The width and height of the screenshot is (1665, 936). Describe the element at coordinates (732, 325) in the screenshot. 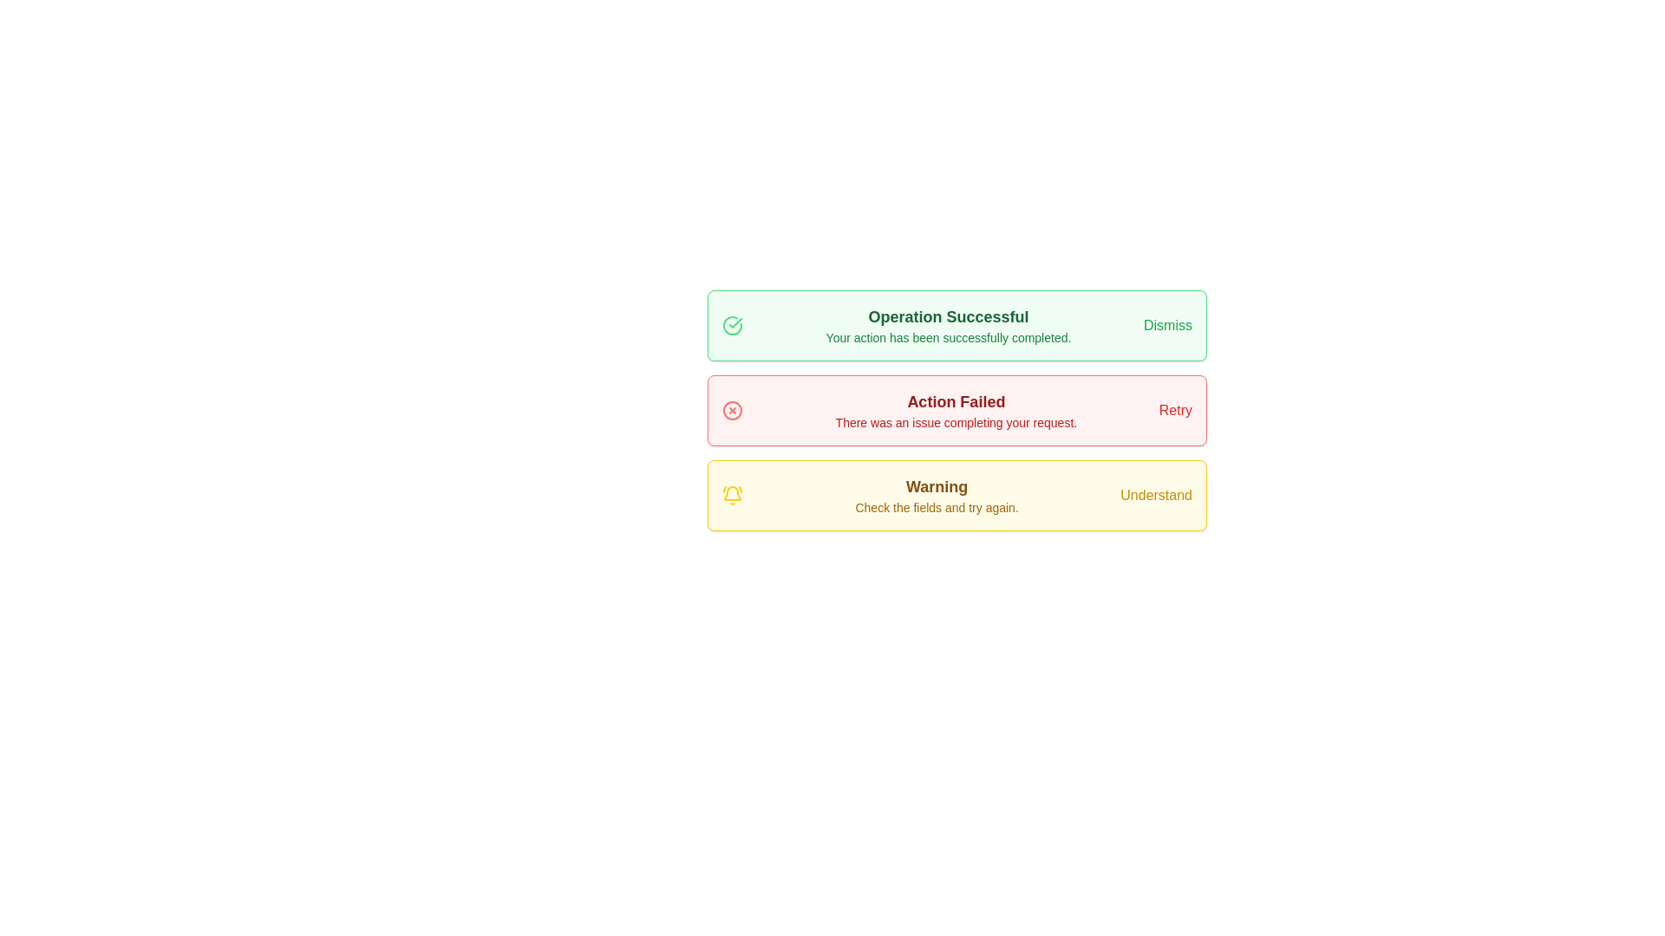

I see `the success indicator icon located in the topmost green banner labeled 'Operation Successful', which is positioned to the left of the text and button` at that location.